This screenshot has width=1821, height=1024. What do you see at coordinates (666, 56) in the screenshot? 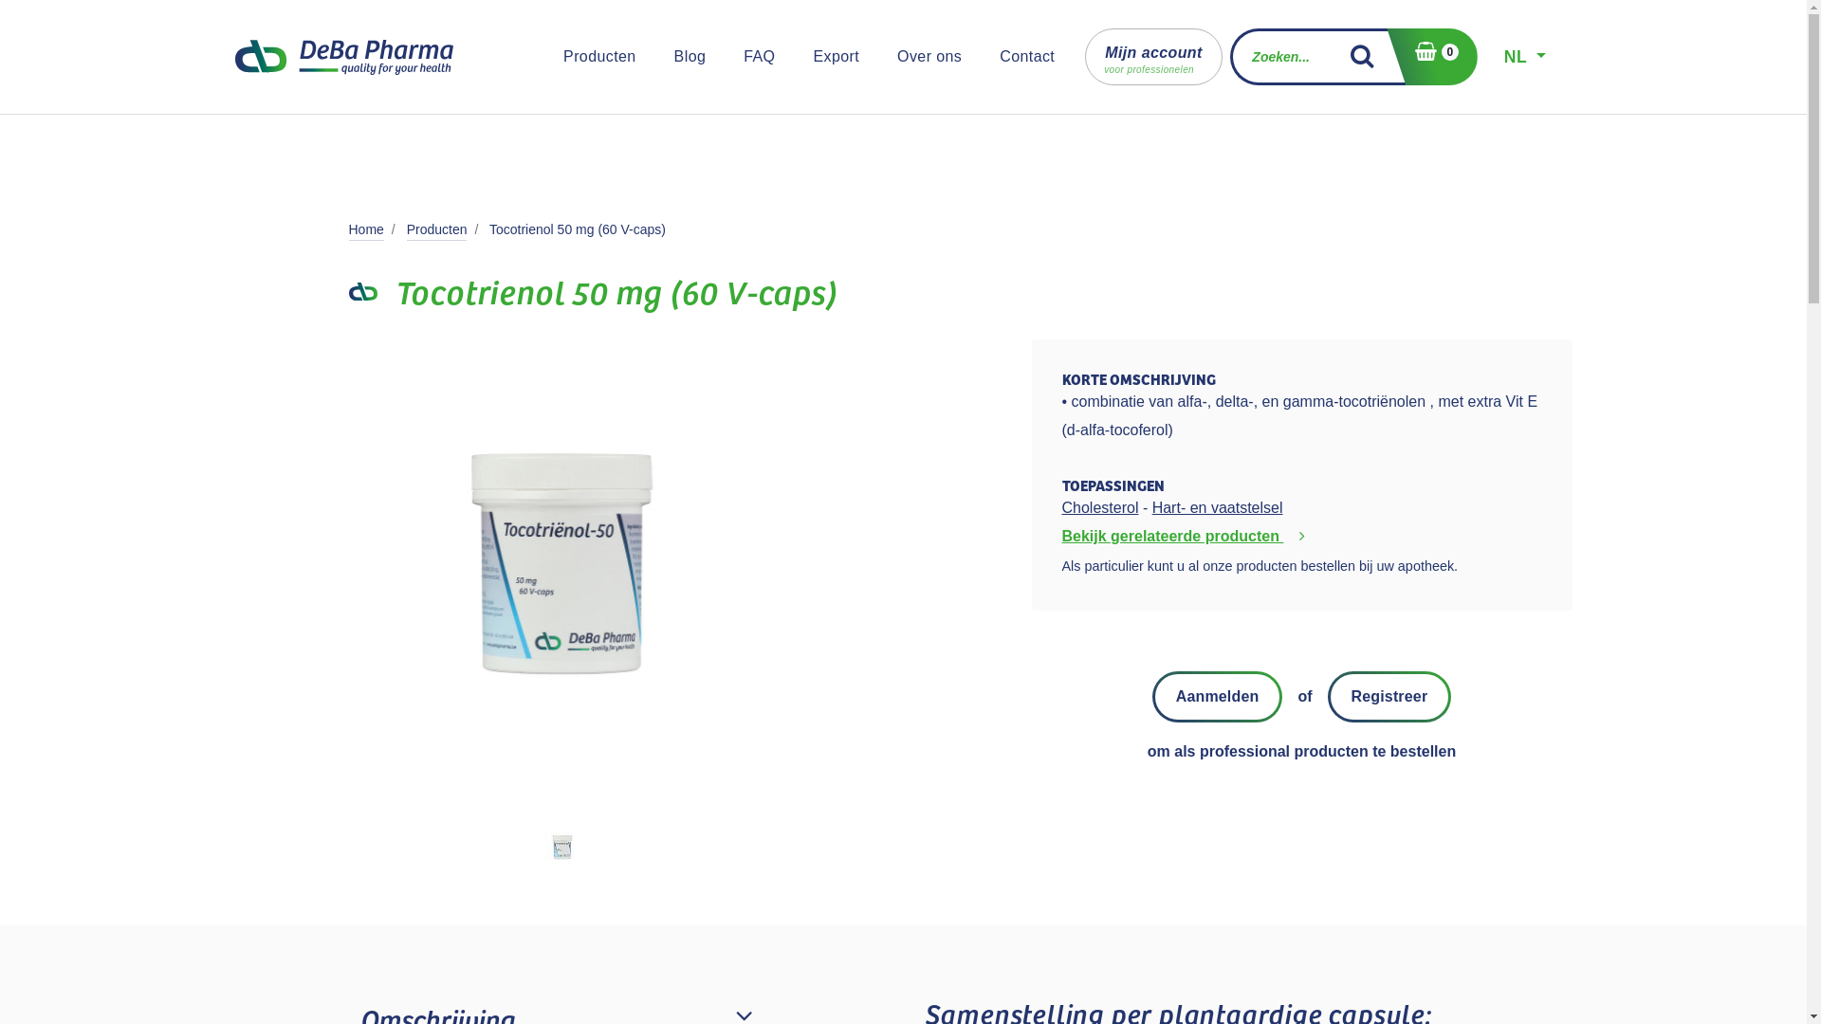
I see `'Blog'` at bounding box center [666, 56].